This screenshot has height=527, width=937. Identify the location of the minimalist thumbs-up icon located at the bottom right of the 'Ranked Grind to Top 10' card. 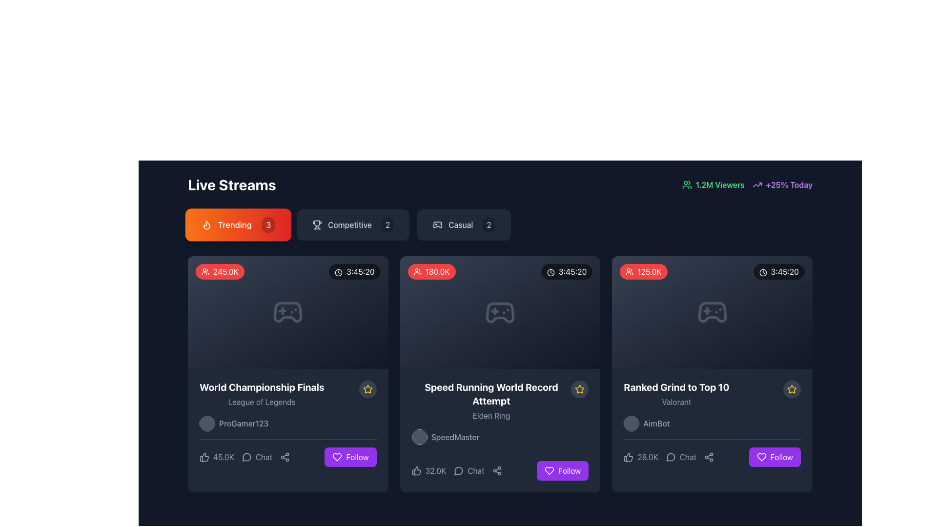
(629, 457).